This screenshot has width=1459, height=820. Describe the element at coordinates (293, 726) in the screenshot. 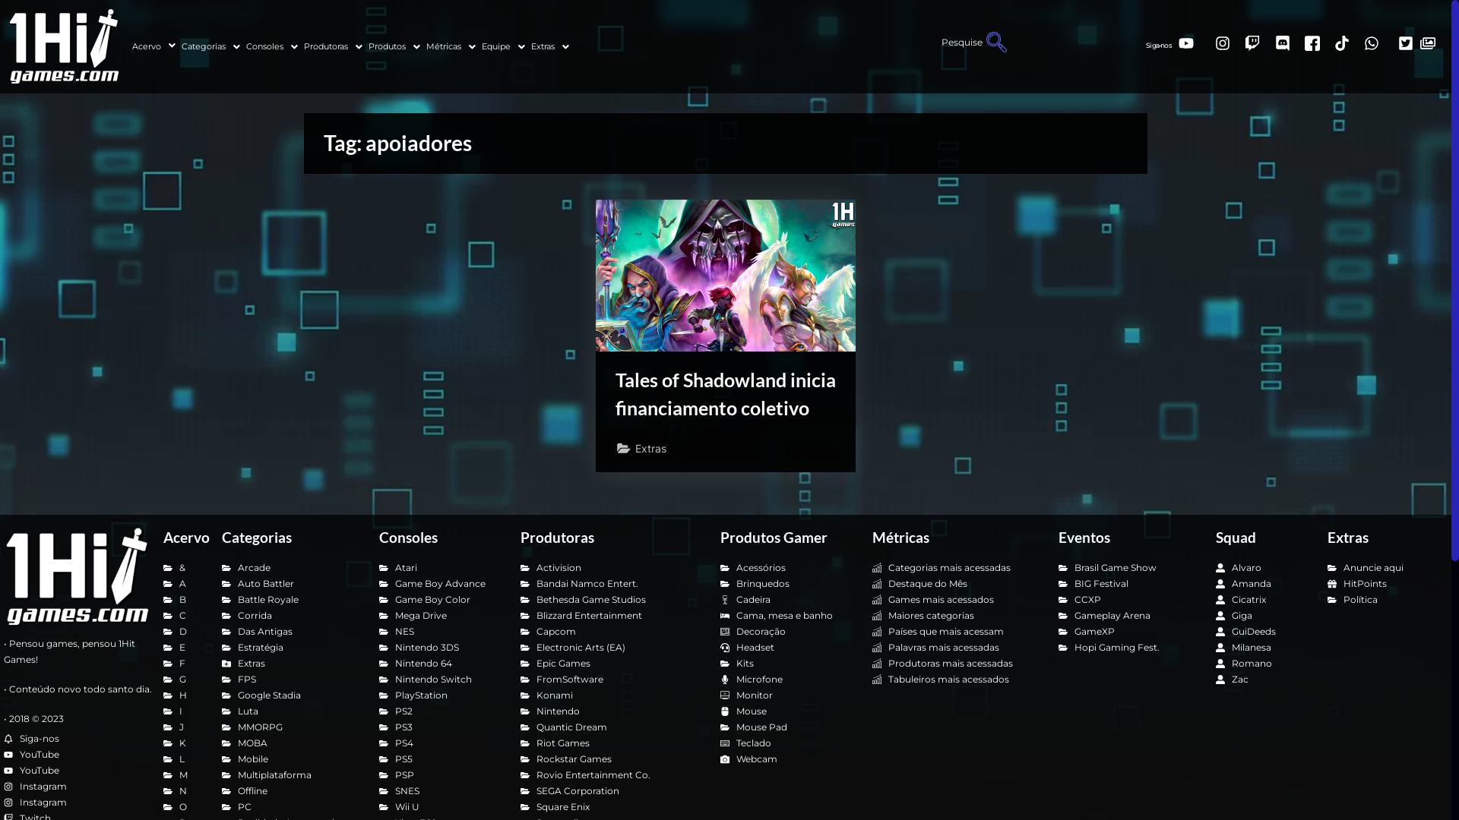

I see `'MMORPG'` at that location.